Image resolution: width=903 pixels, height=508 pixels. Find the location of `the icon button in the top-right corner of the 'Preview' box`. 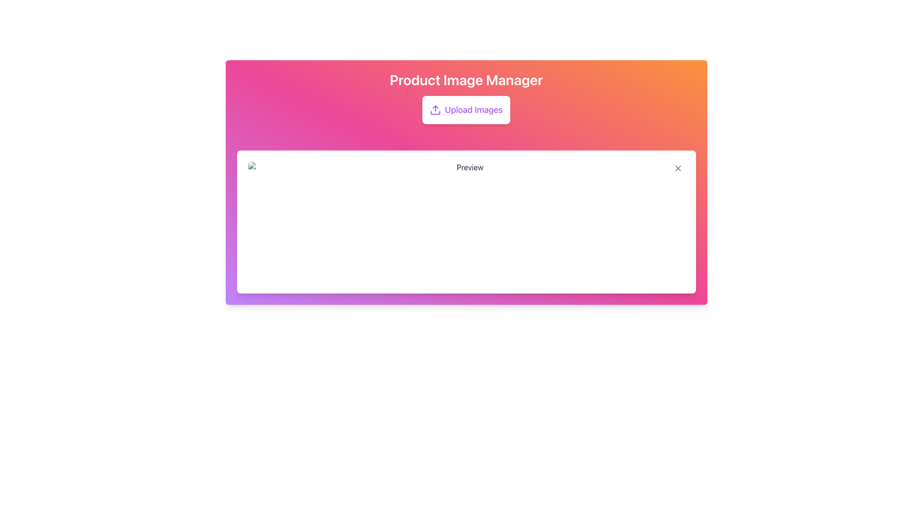

the icon button in the top-right corner of the 'Preview' box is located at coordinates (678, 168).